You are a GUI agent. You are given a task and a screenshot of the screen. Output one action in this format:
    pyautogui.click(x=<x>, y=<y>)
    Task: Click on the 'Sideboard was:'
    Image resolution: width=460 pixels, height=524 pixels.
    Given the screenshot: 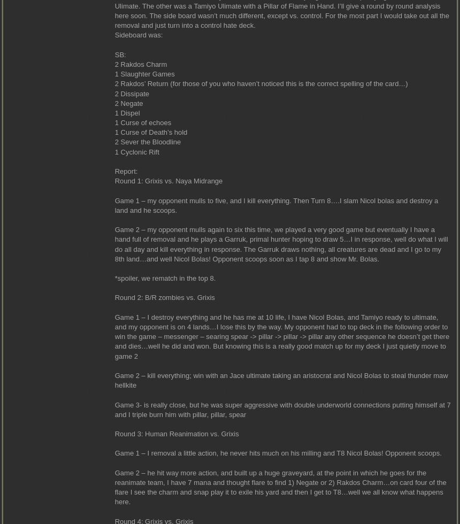 What is the action you would take?
    pyautogui.click(x=113, y=35)
    